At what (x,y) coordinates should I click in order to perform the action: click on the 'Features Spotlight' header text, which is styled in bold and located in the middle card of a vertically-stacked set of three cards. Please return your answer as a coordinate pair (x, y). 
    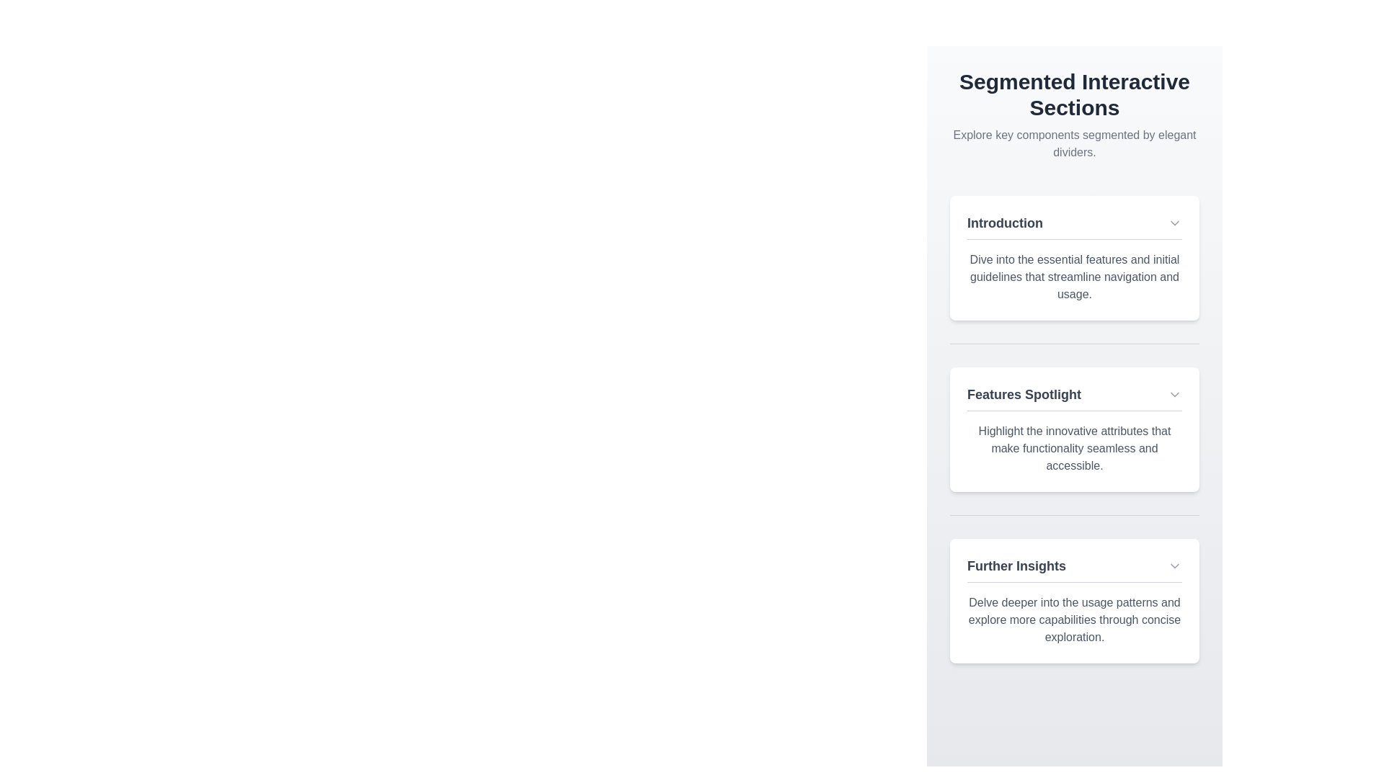
    Looking at the image, I should click on (1075, 398).